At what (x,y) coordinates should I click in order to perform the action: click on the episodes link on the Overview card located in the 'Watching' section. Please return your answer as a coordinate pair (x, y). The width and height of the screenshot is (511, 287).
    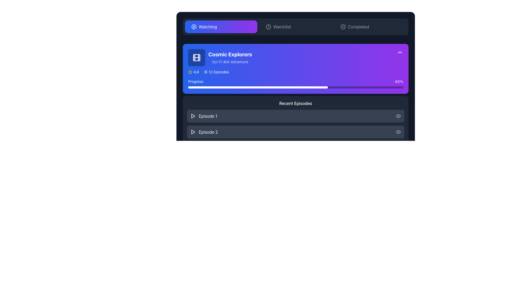
    Looking at the image, I should click on (292, 61).